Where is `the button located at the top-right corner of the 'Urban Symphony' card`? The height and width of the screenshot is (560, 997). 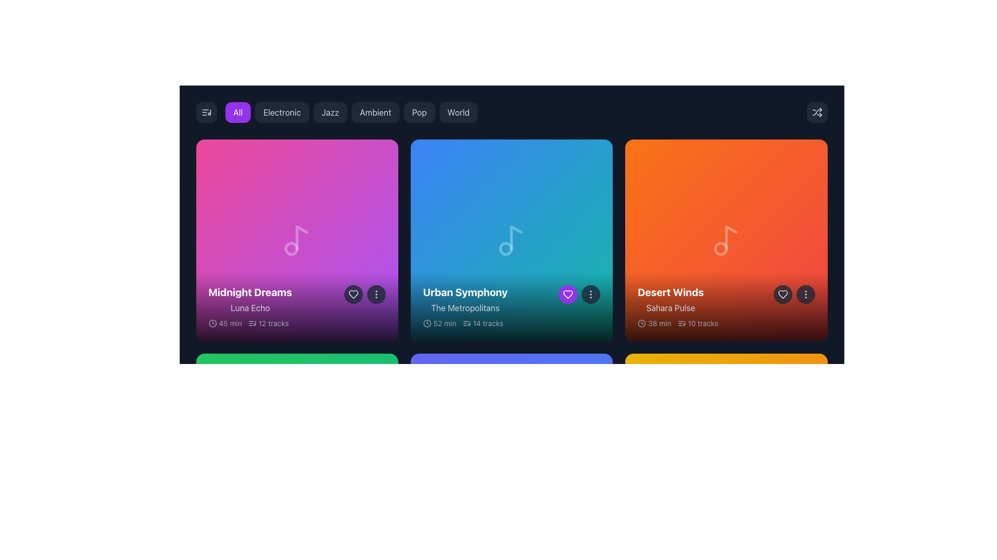 the button located at the top-right corner of the 'Urban Symphony' card is located at coordinates (591, 295).